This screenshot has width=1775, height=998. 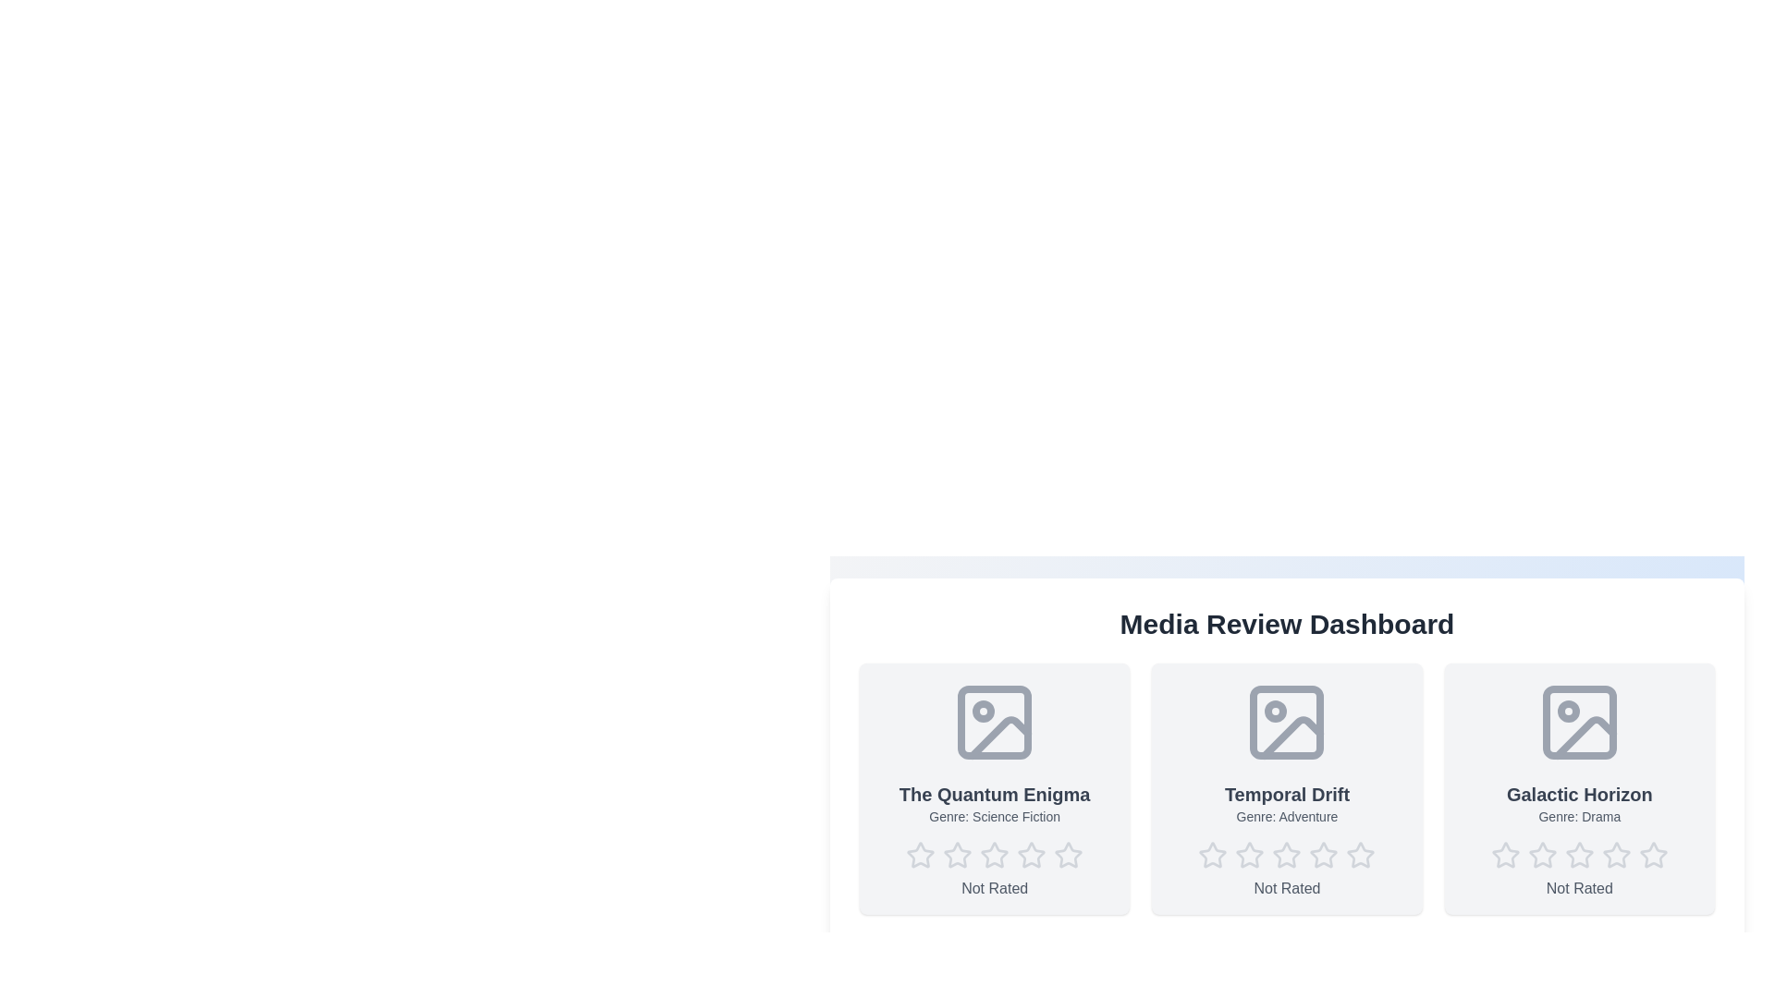 I want to click on the star corresponding to the desired rating 4 for the media item Temporal Drift, so click(x=1323, y=855).